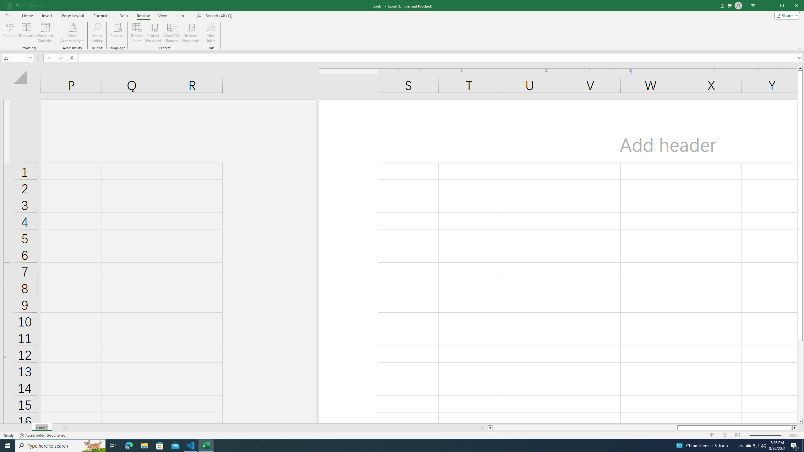 The image size is (804, 452). I want to click on 'Microsoft Edge', so click(128, 445).